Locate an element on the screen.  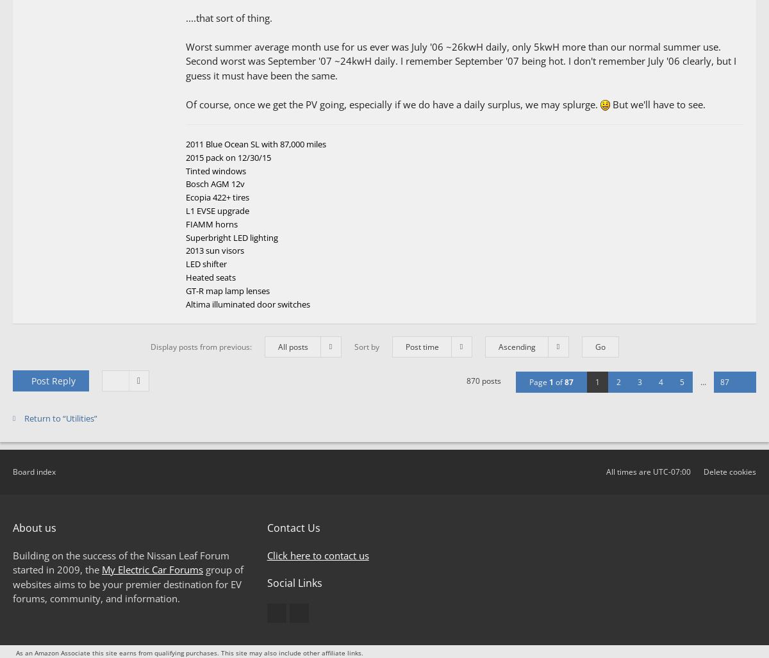
'FIAMM horns' is located at coordinates (211, 223).